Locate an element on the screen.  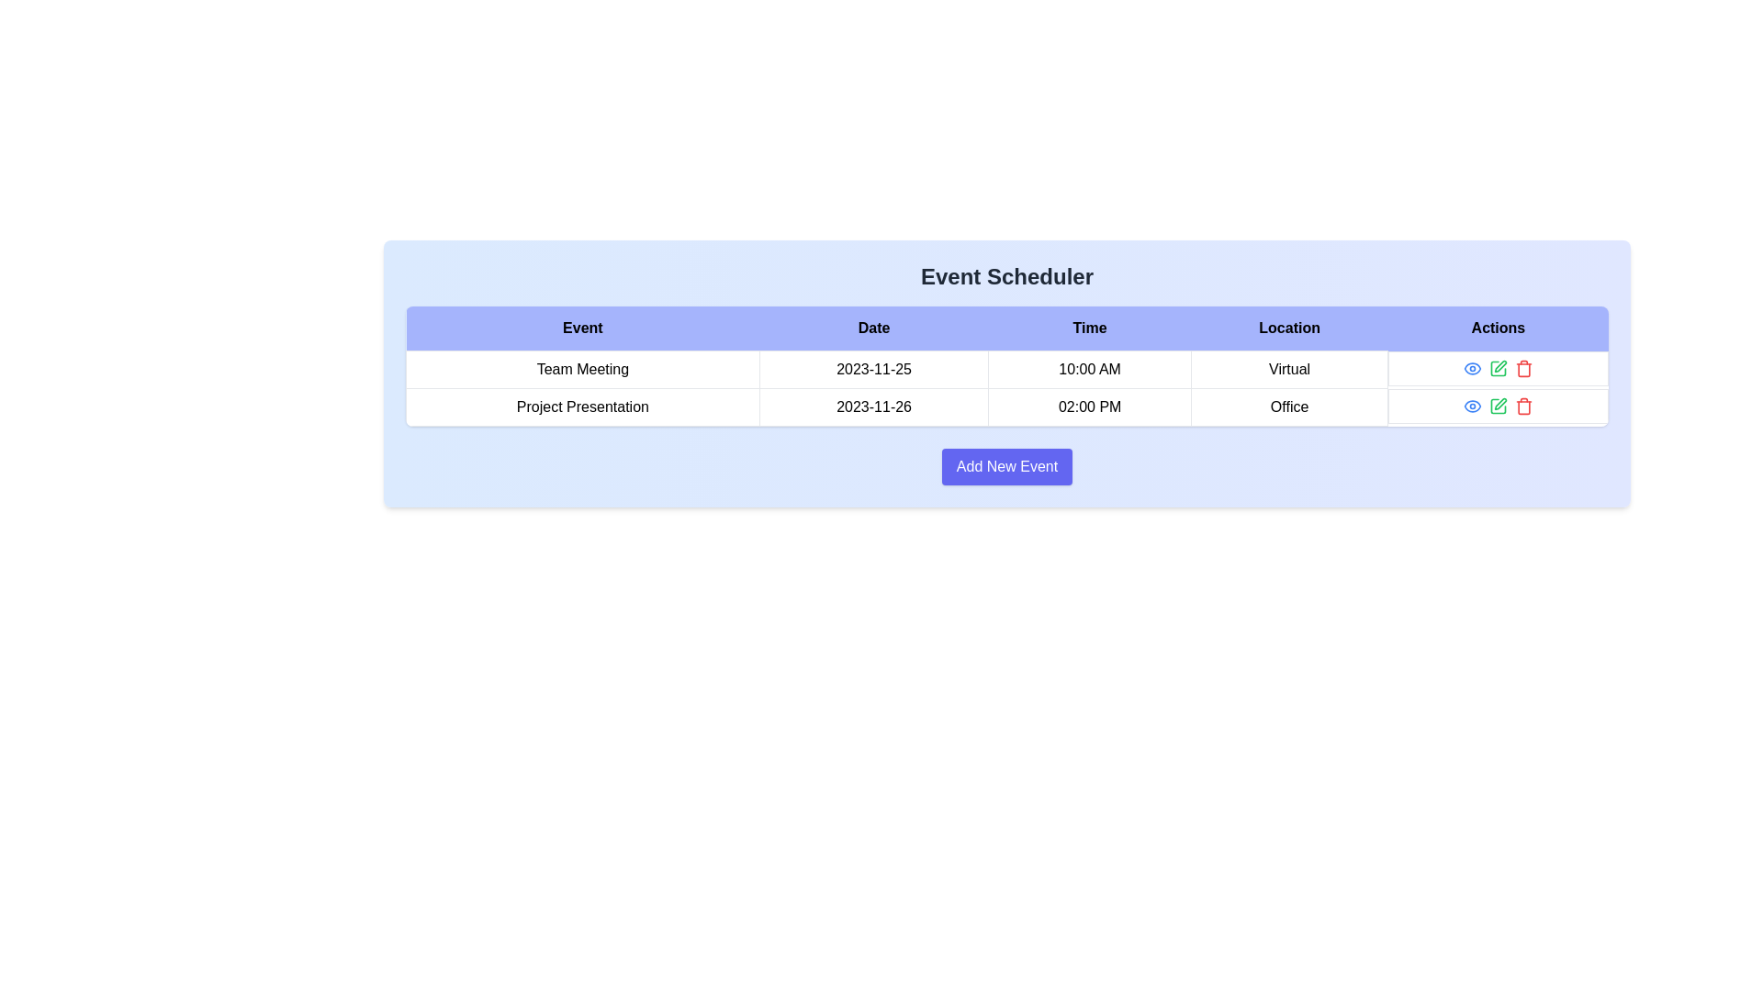
the 'Add New Event' button located at the bottom center of the 'Event Scheduler' interface is located at coordinates (1006, 466).